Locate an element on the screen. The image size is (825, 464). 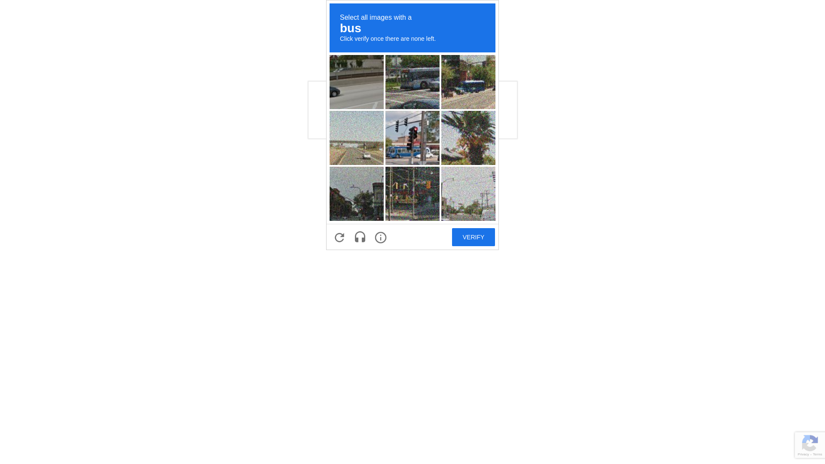
'recaptcha challenge expires in two minutes' is located at coordinates (412, 125).